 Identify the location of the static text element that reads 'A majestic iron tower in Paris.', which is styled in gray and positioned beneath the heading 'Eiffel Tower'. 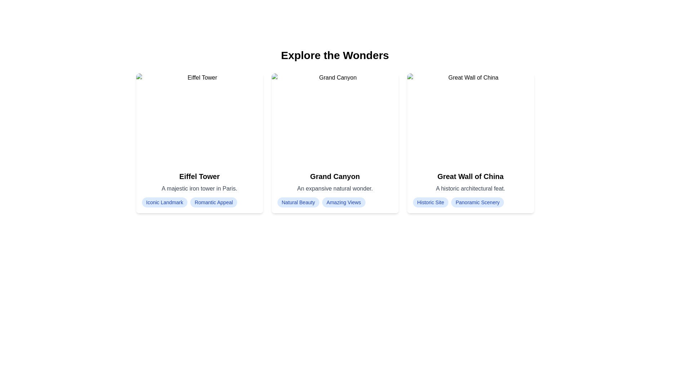
(199, 188).